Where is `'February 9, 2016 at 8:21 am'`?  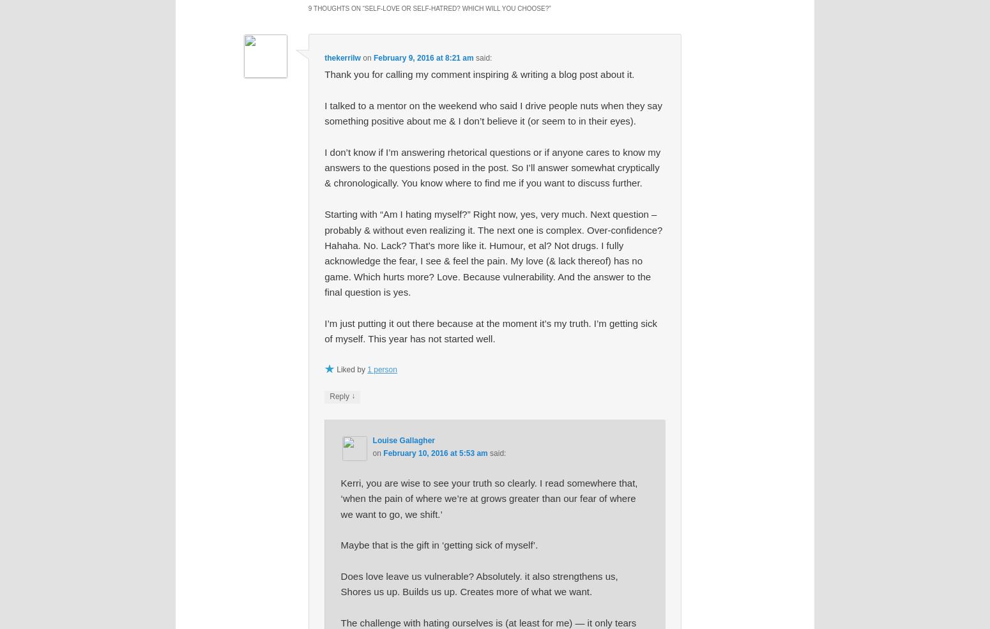
'February 9, 2016 at 8:21 am' is located at coordinates (373, 57).